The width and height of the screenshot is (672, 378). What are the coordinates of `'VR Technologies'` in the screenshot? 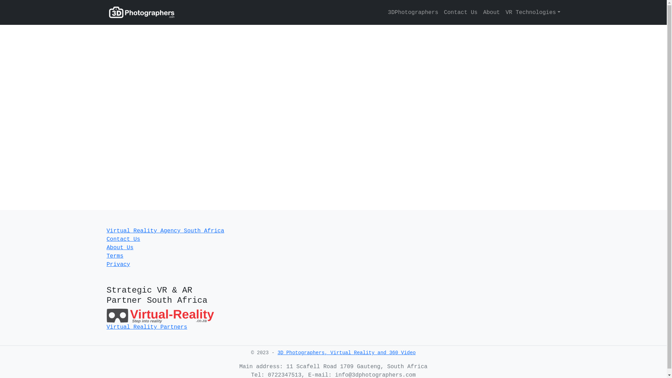 It's located at (531, 12).